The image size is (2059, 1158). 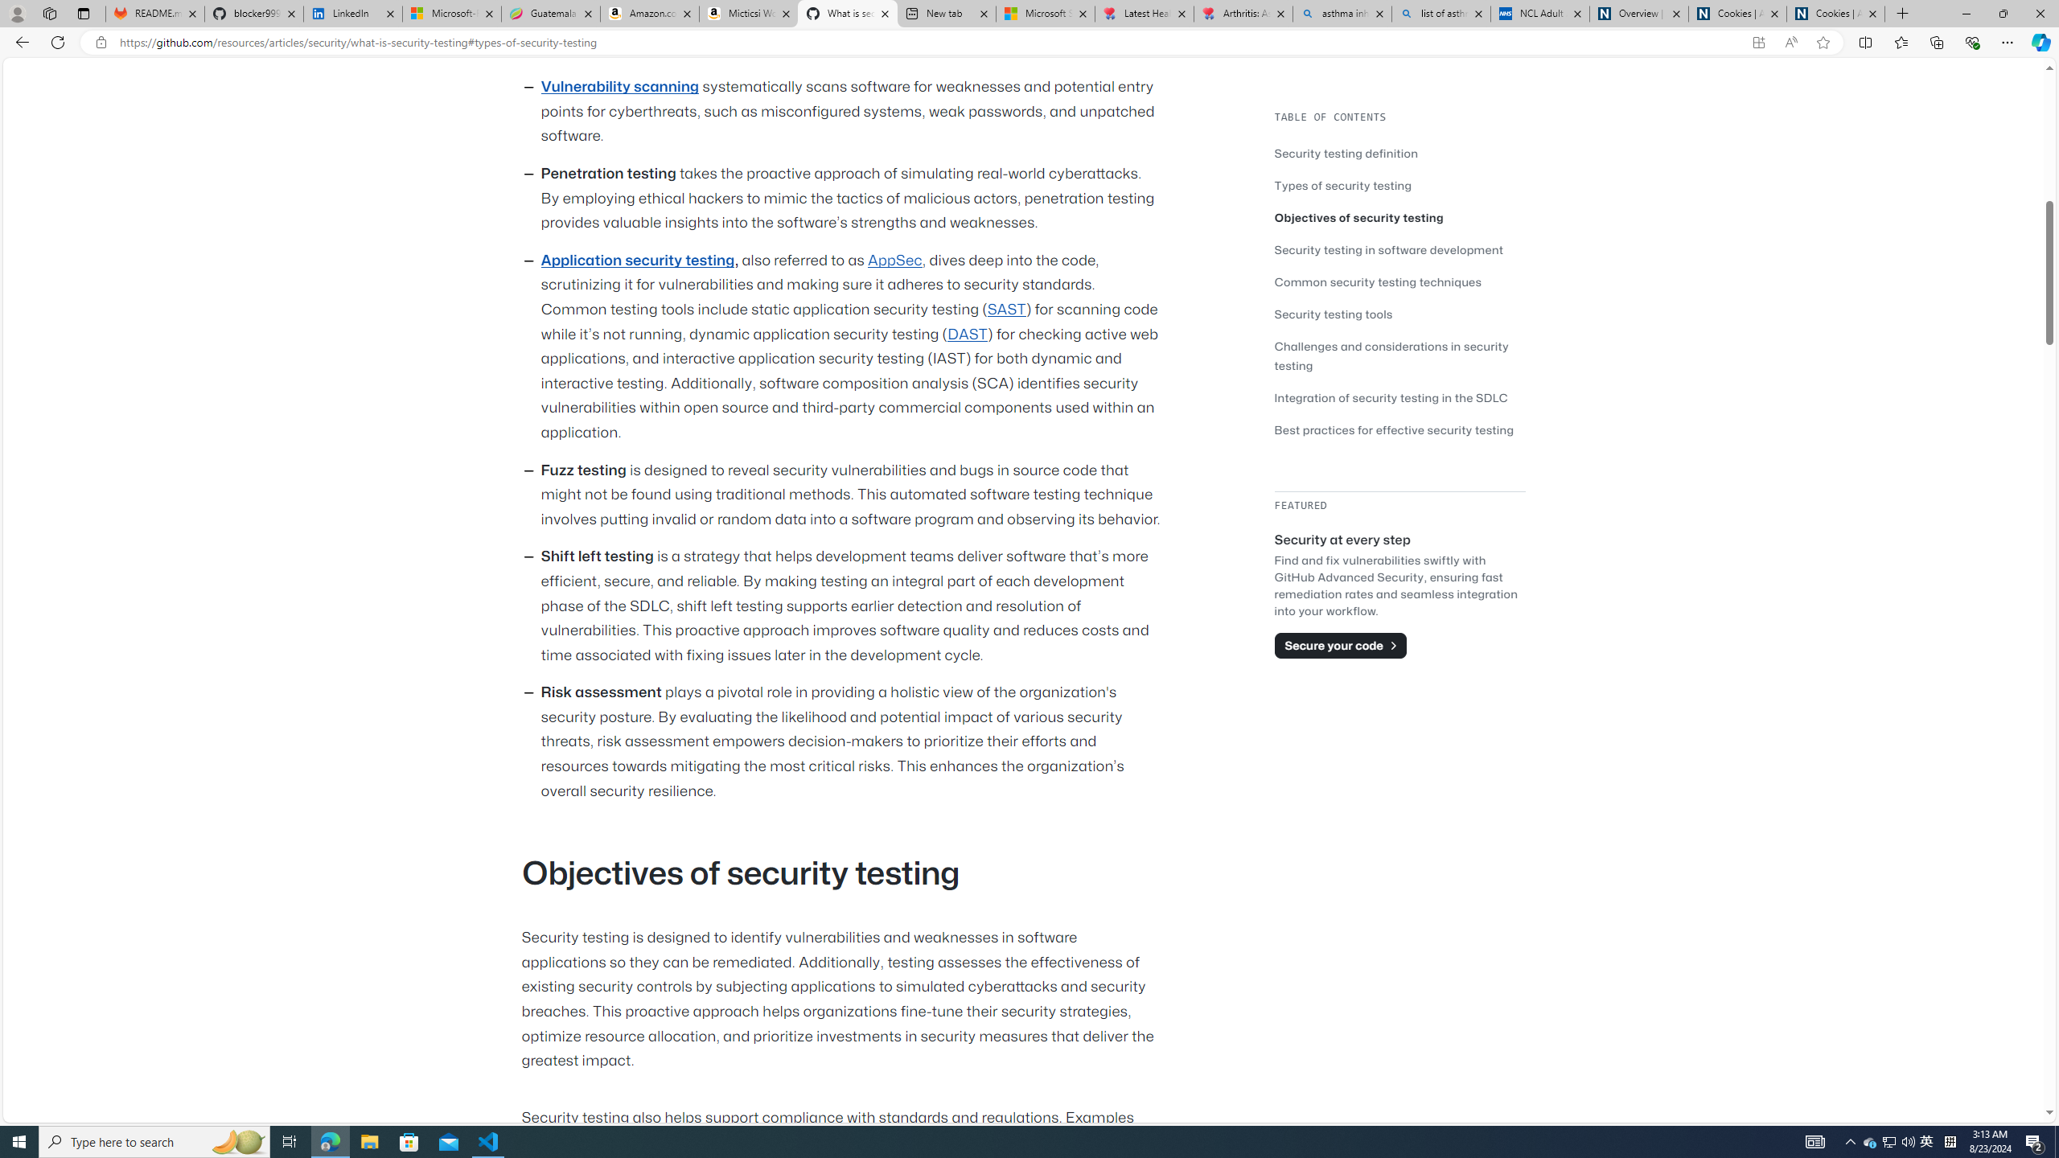 What do you see at coordinates (1391, 355) in the screenshot?
I see `'Challenges and considerations in security testing'` at bounding box center [1391, 355].